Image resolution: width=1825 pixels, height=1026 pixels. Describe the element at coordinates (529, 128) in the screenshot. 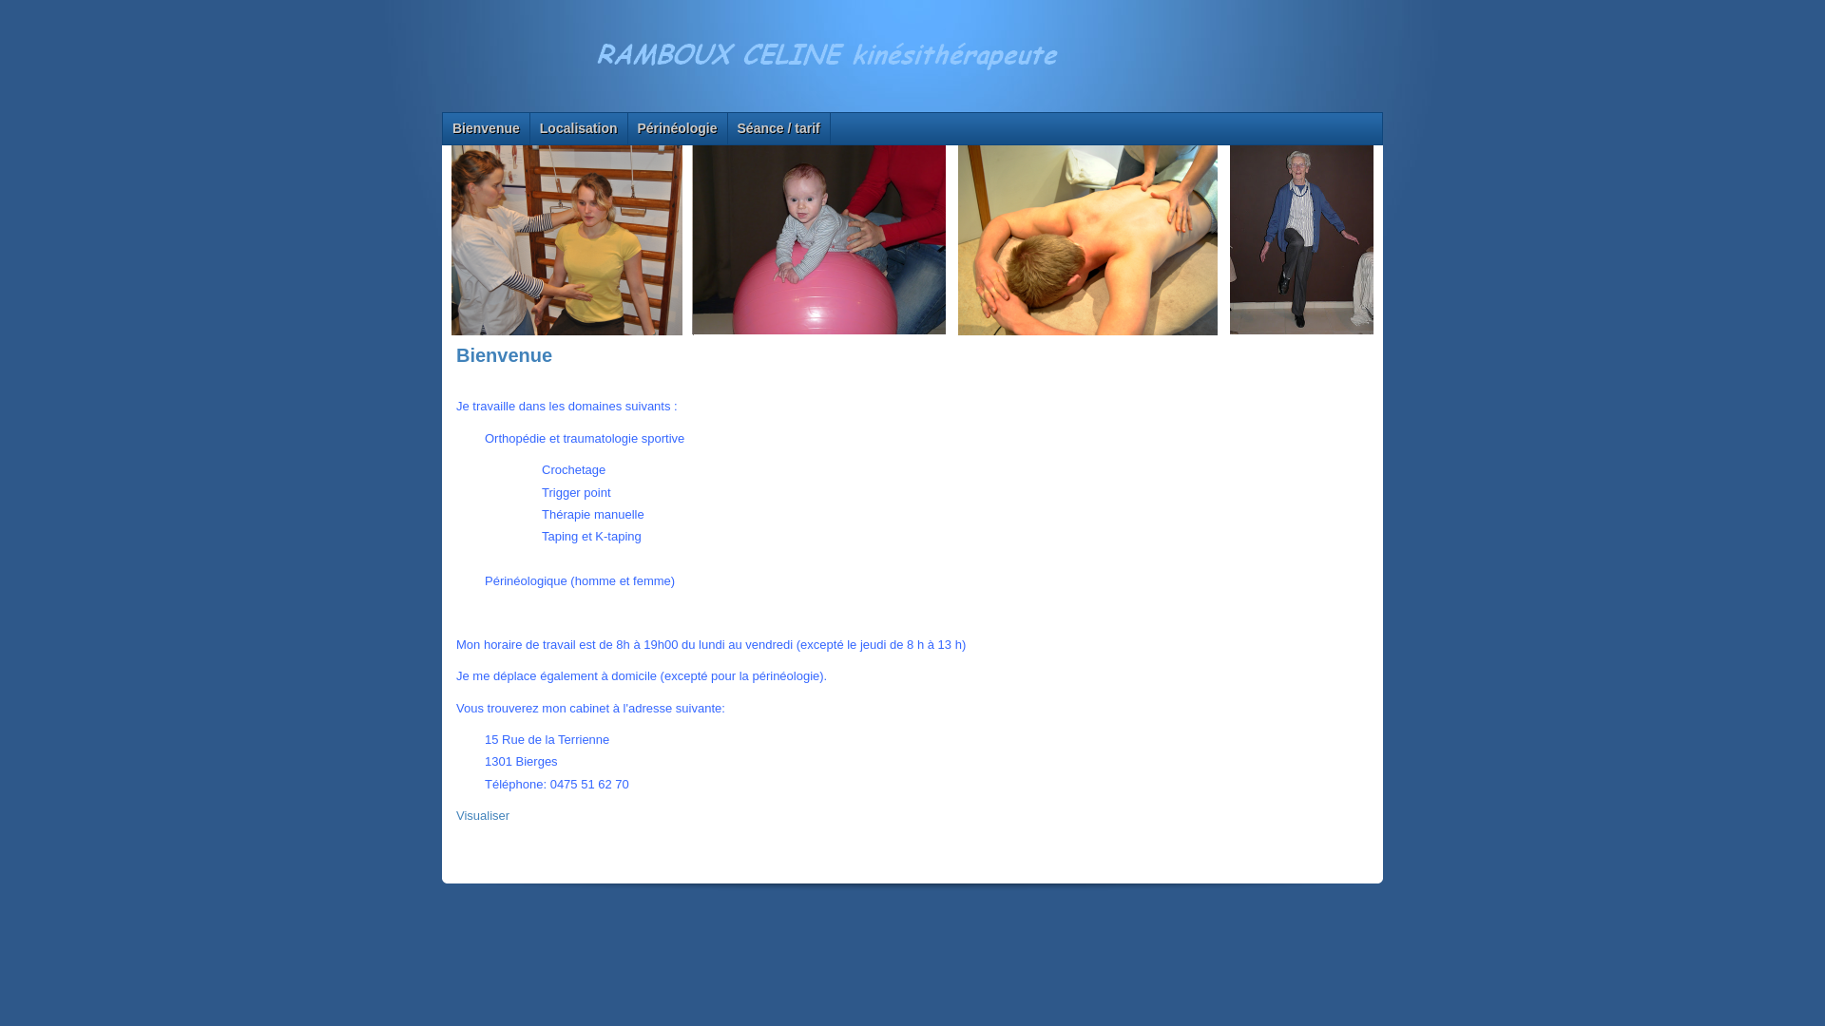

I see `'Localisation'` at that location.